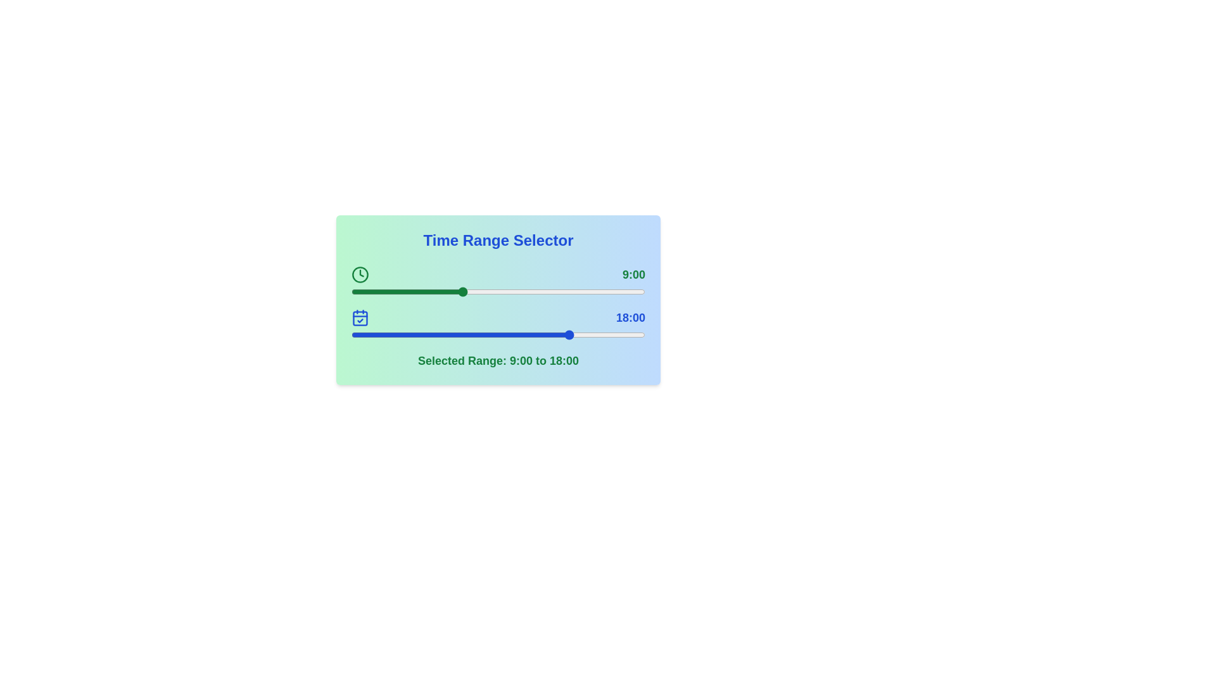  I want to click on time range, so click(388, 334).